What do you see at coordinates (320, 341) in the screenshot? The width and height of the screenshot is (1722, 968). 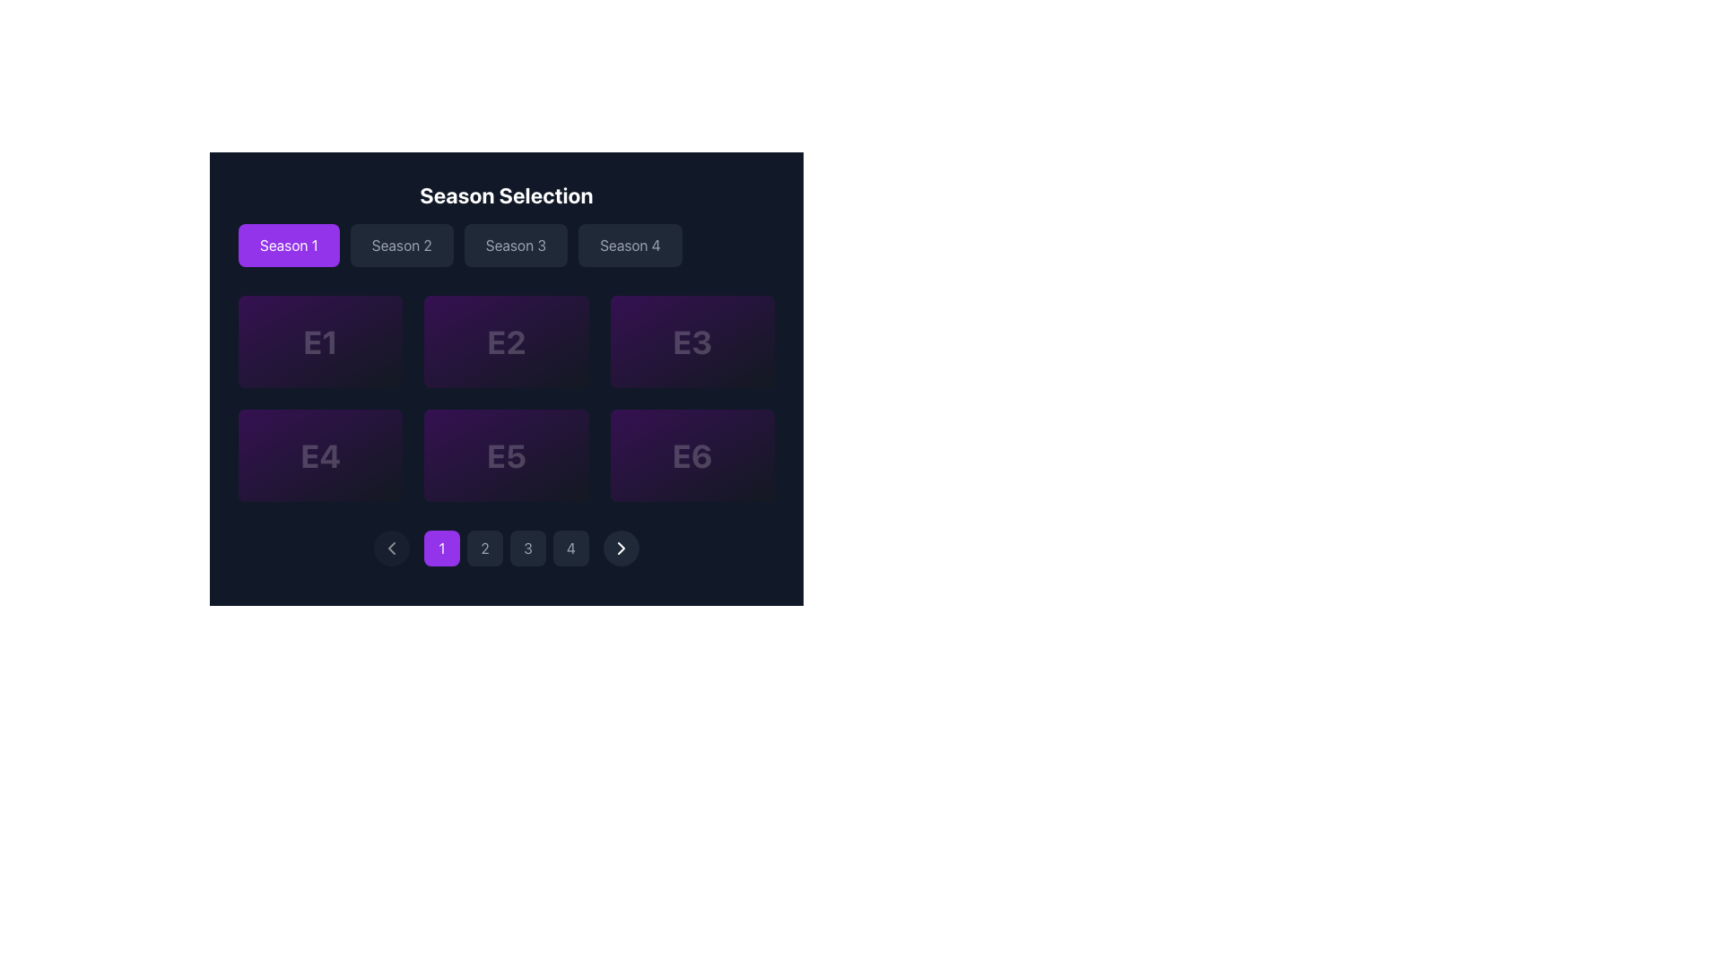 I see `the episode card for Episode 1 located in the top-left corner of the grid layout` at bounding box center [320, 341].